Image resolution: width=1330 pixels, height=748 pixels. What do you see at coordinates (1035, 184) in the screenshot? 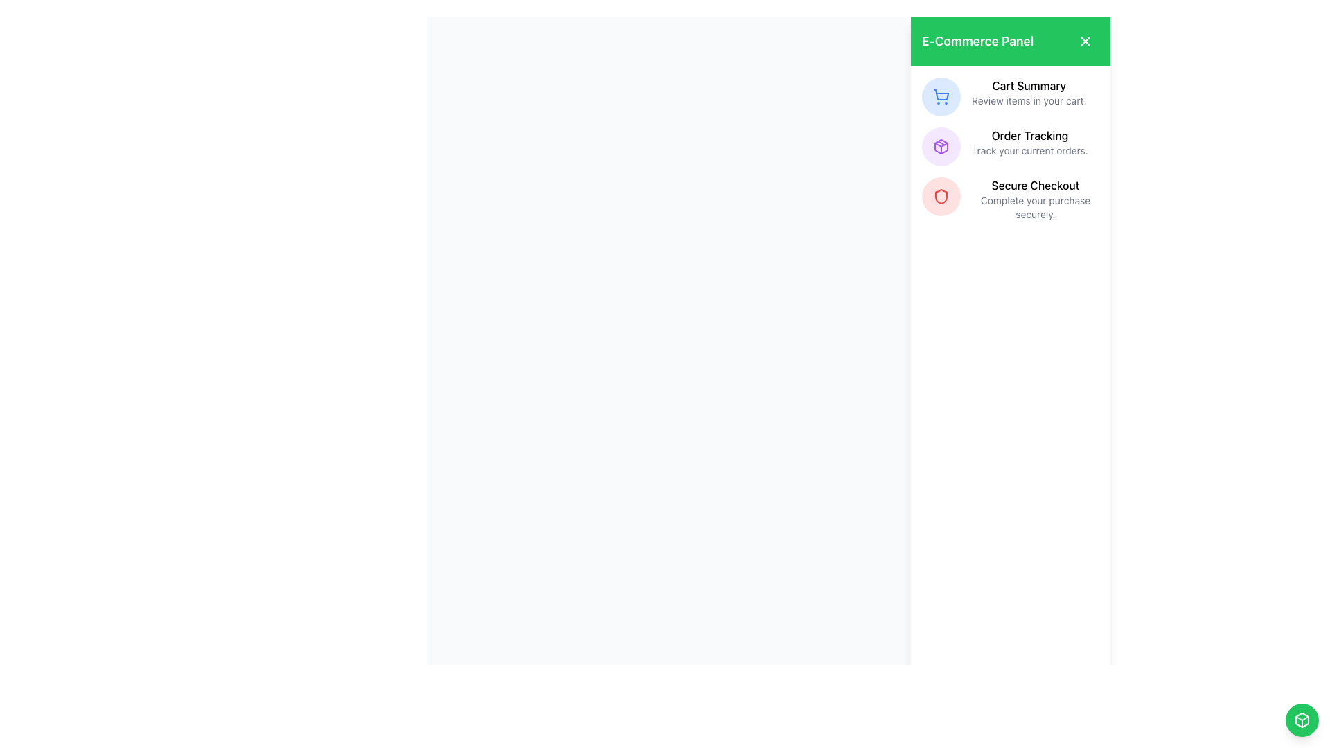
I see `the 'Secure Checkout' text label located in the lower section of the green-topped sidebar titled 'E-Commerce Panel'. It is the top line of text in a list item with a red circular icon featuring a shield` at bounding box center [1035, 184].